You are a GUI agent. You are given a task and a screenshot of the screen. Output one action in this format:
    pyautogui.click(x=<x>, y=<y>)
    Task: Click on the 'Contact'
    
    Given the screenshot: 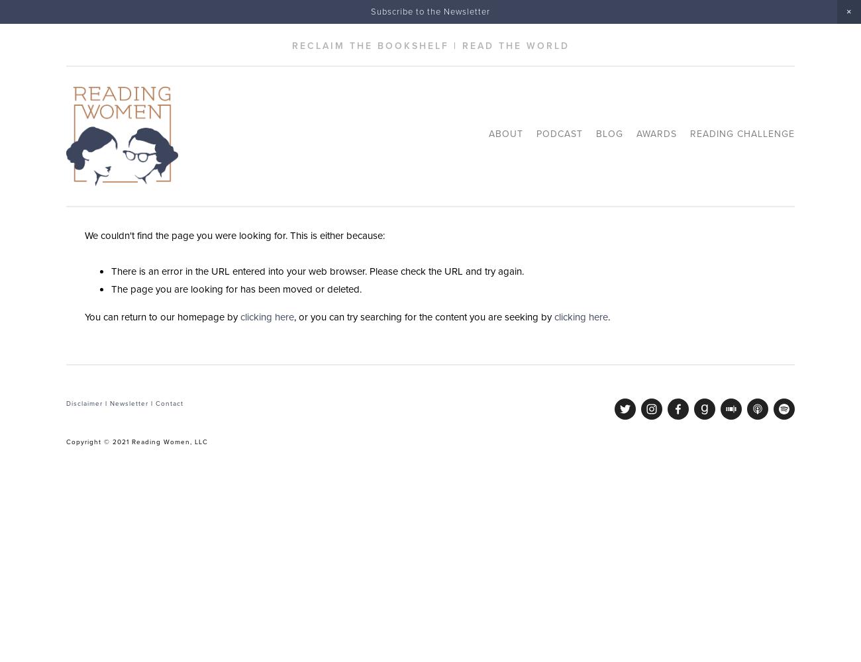 What is the action you would take?
    pyautogui.click(x=168, y=402)
    